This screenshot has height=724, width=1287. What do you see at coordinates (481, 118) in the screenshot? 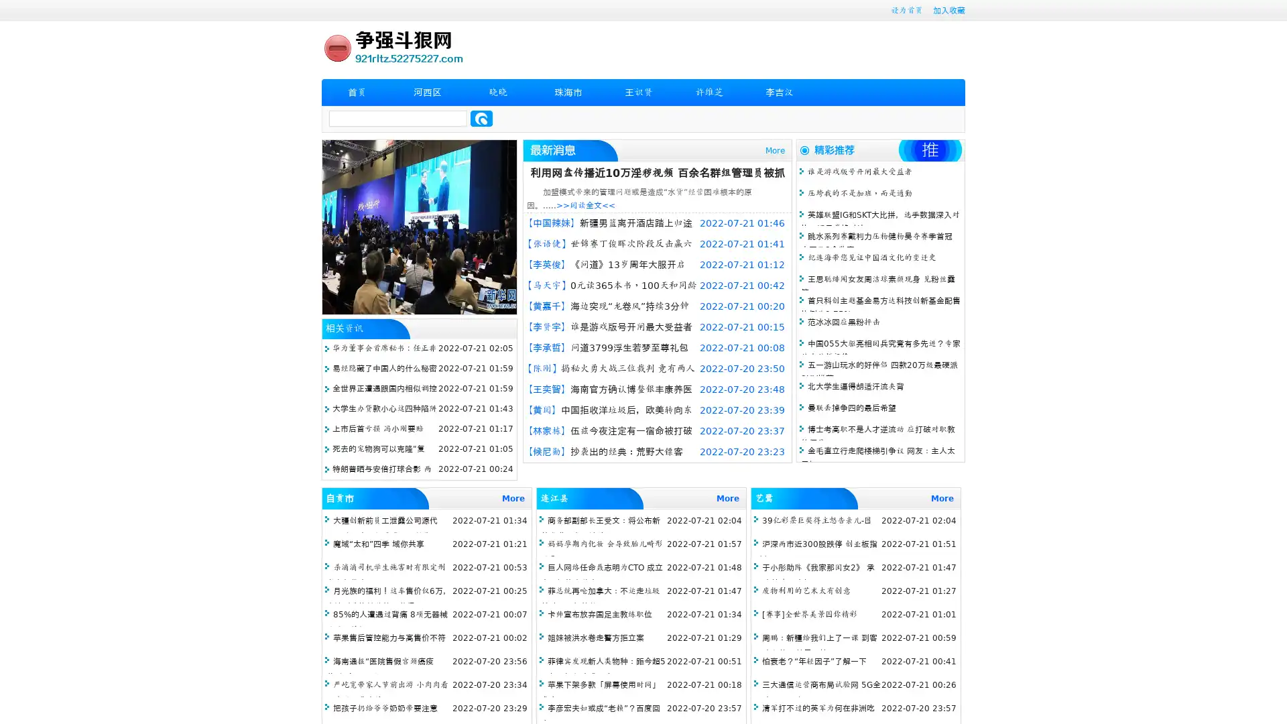
I see `Search` at bounding box center [481, 118].